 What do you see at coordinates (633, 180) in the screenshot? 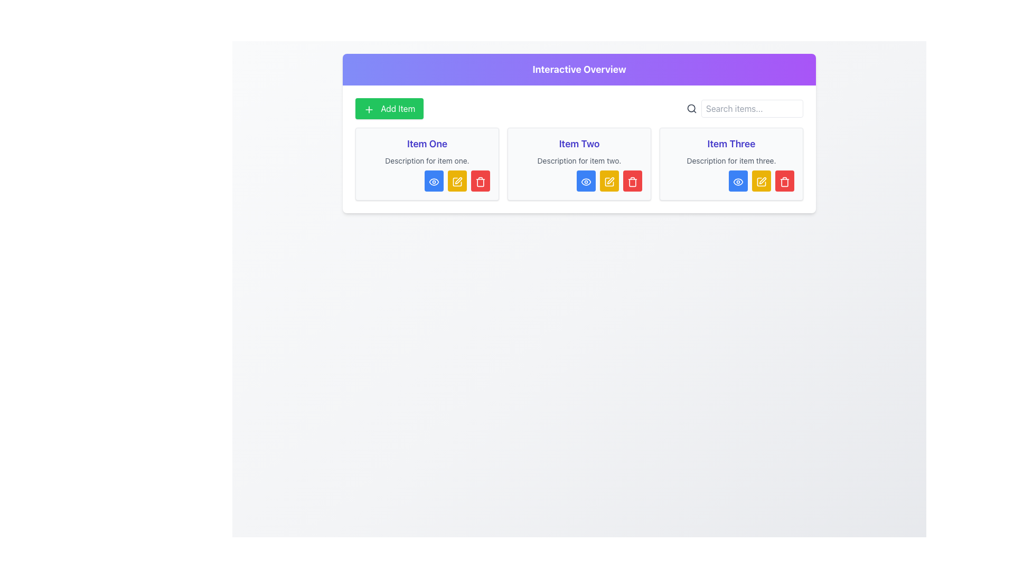
I see `the delete button located as the fourth button in the row of actions below 'Item Two'` at bounding box center [633, 180].